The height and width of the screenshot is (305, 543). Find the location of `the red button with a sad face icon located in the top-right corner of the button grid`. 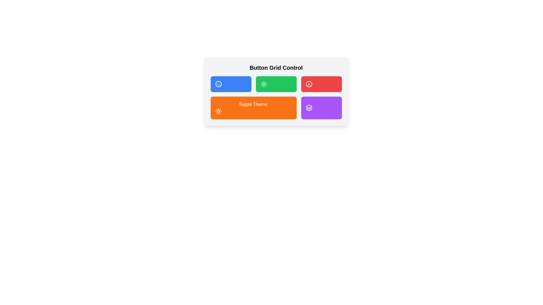

the red button with a sad face icon located in the top-right corner of the button grid is located at coordinates (321, 84).